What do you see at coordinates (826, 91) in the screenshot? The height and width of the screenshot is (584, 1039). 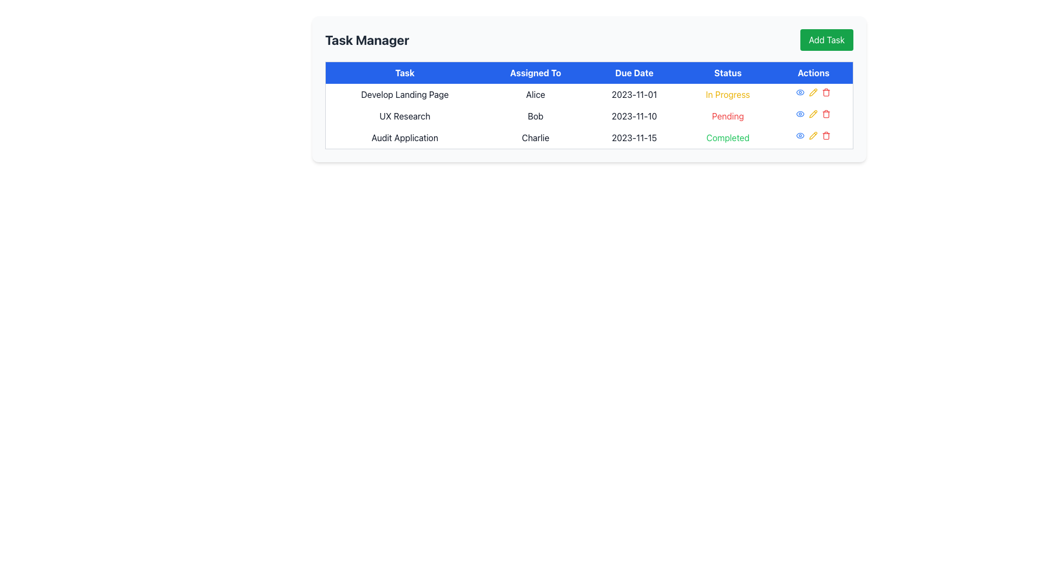 I see `the delete button located in the last position of the 'Actions' column in the task table` at bounding box center [826, 91].